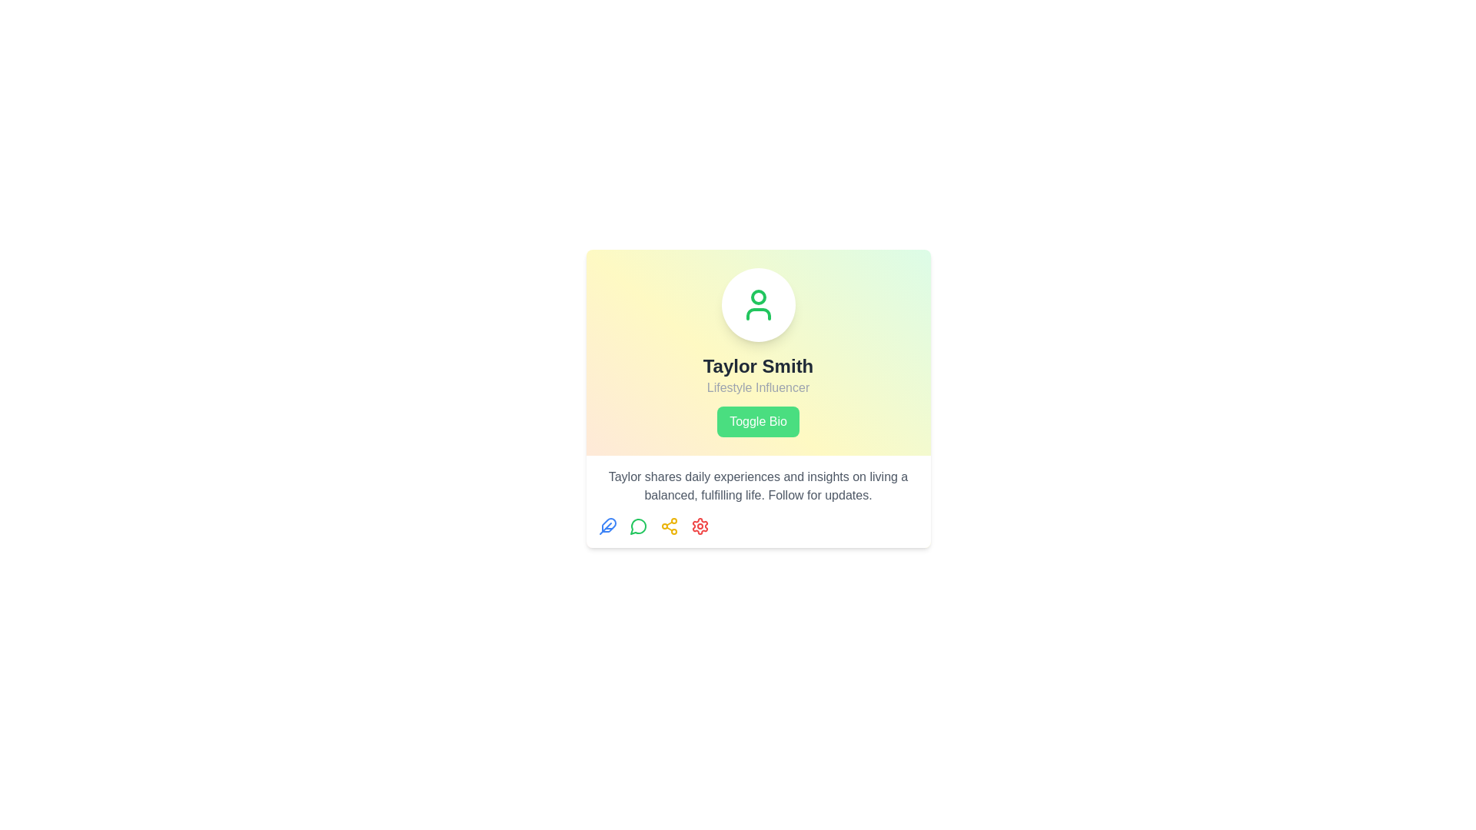  Describe the element at coordinates (608, 524) in the screenshot. I see `the feather icon with a blue outline located in the bottom-left corner of the user card` at that location.